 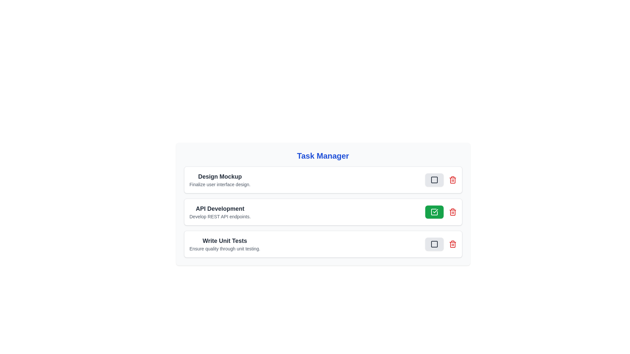 What do you see at coordinates (434, 180) in the screenshot?
I see `the Toggle button located to the right of the 'Design Mockup' row in the task manager interface` at bounding box center [434, 180].